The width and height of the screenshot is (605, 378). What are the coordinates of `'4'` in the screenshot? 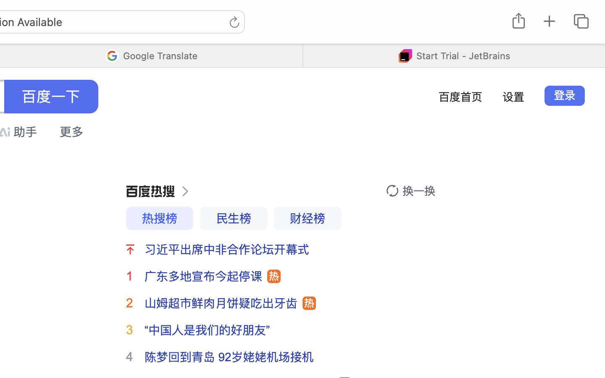 It's located at (129, 356).